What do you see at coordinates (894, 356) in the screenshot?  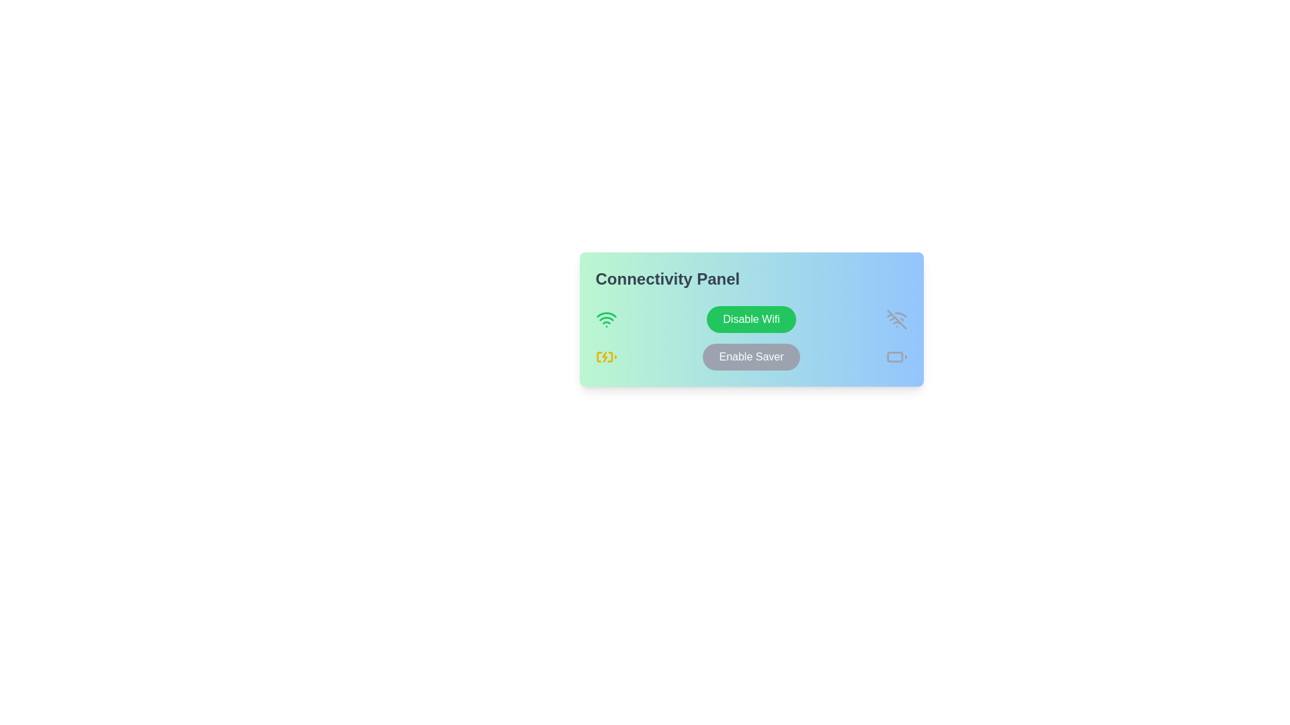 I see `the main body of the battery icon, which is a rectangular shape with rounded corners, located in the bottom-right corner of the UI panel` at bounding box center [894, 356].